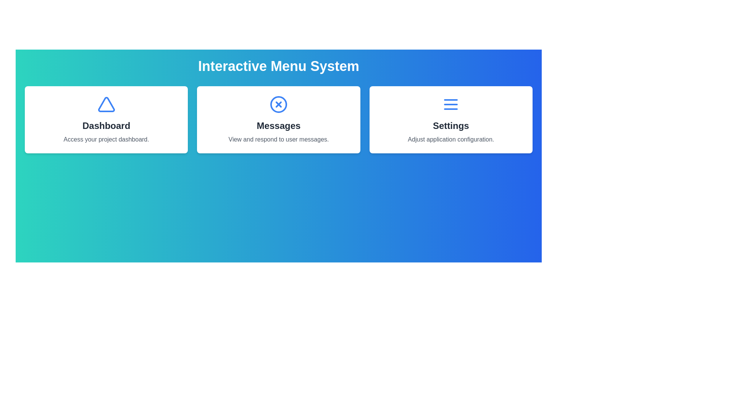 This screenshot has height=412, width=733. What do you see at coordinates (451, 104) in the screenshot?
I see `the settings toggle icon located in the top section of the 'Settings' card, which is horizontally centered and positioned in the rightmost area of a three-card layout` at bounding box center [451, 104].